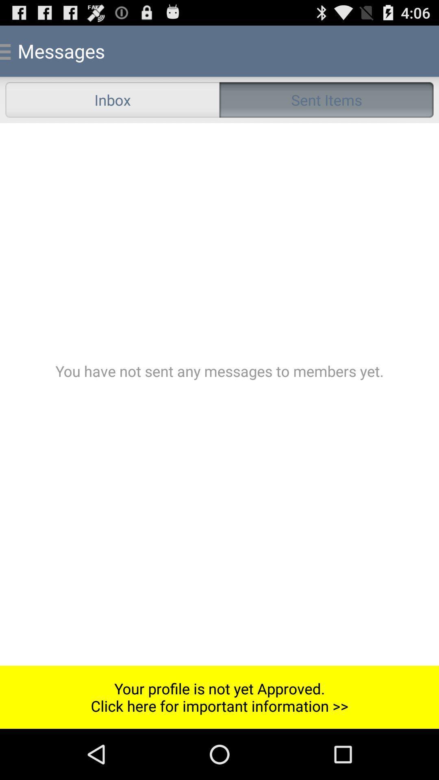 This screenshot has width=439, height=780. What do you see at coordinates (219, 394) in the screenshot?
I see `the icon above your profile is button` at bounding box center [219, 394].